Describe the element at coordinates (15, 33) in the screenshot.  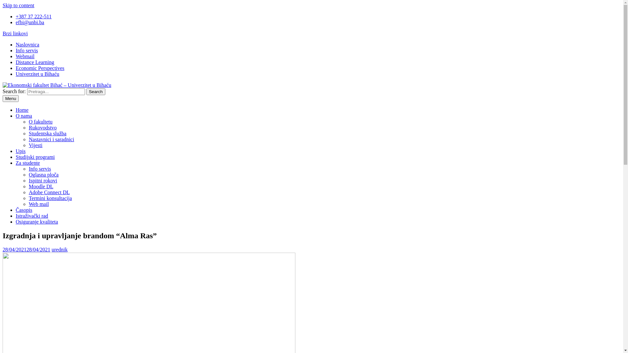
I see `'Brzi linkovi'` at that location.